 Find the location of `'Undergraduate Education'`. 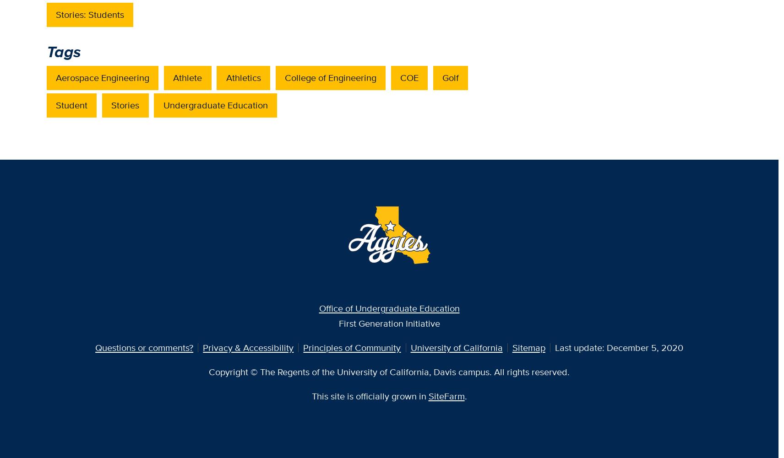

'Undergraduate Education' is located at coordinates (163, 104).